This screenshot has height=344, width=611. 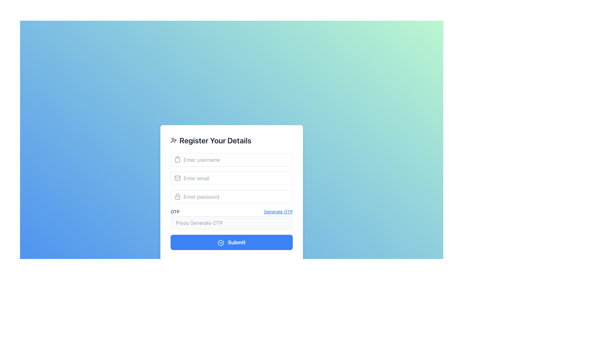 What do you see at coordinates (177, 178) in the screenshot?
I see `the envelope-shaped icon indicating email, which is located on the left side of the email input field` at bounding box center [177, 178].